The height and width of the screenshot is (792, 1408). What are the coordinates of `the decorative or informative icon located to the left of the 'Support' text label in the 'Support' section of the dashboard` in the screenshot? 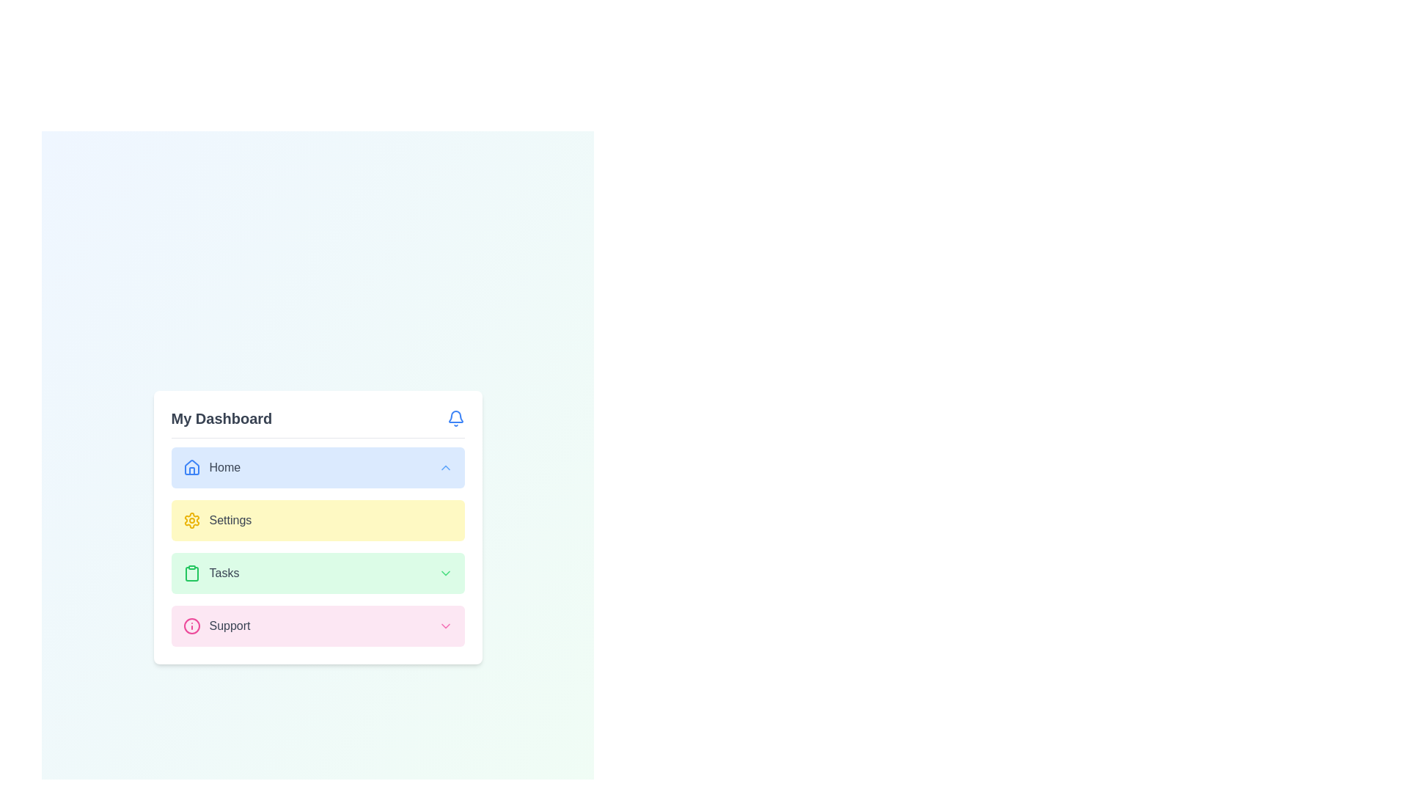 It's located at (191, 626).